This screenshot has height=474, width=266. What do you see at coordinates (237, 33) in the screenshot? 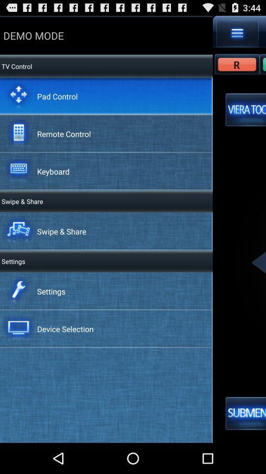
I see `see more options` at bounding box center [237, 33].